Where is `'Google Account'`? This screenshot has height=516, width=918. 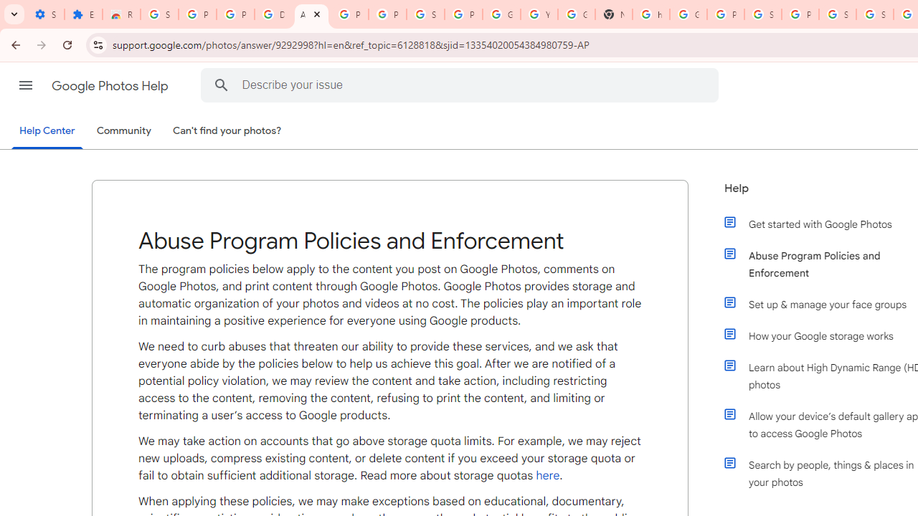 'Google Account' is located at coordinates (501, 14).